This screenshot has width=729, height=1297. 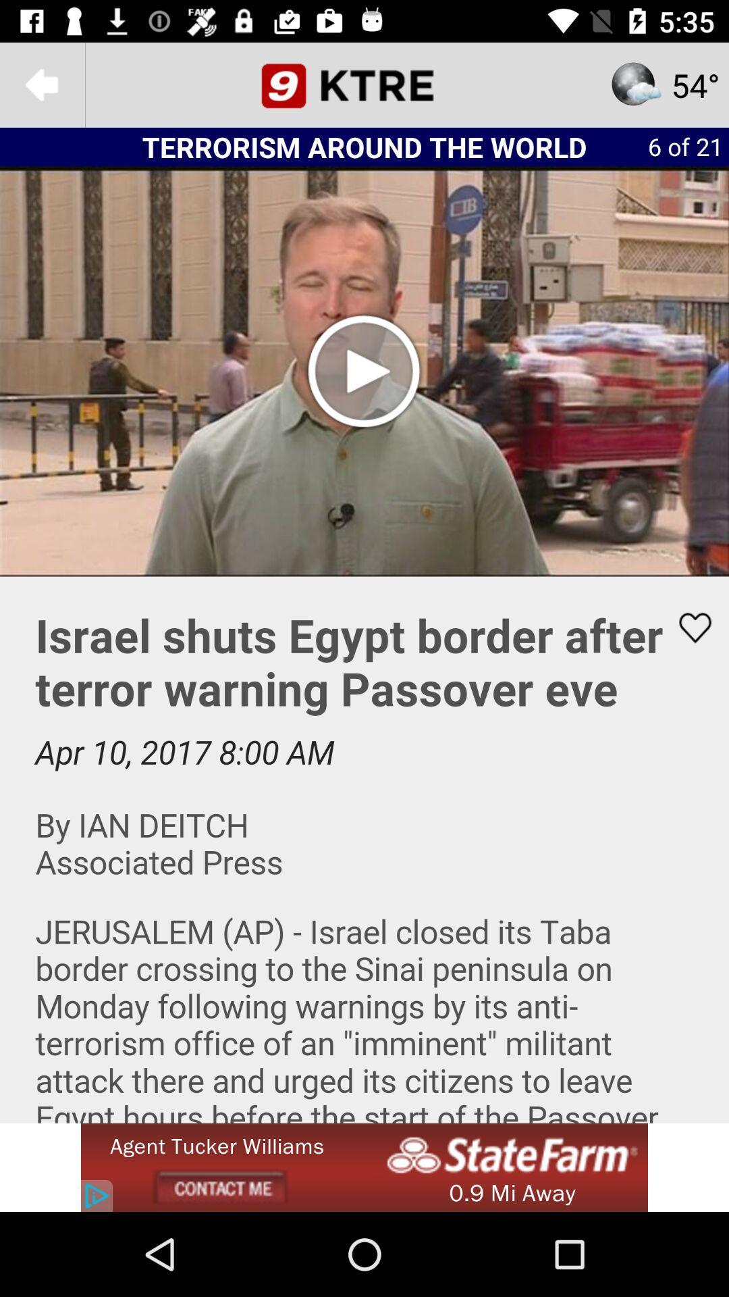 What do you see at coordinates (686, 627) in the screenshot?
I see `the favorite icon` at bounding box center [686, 627].